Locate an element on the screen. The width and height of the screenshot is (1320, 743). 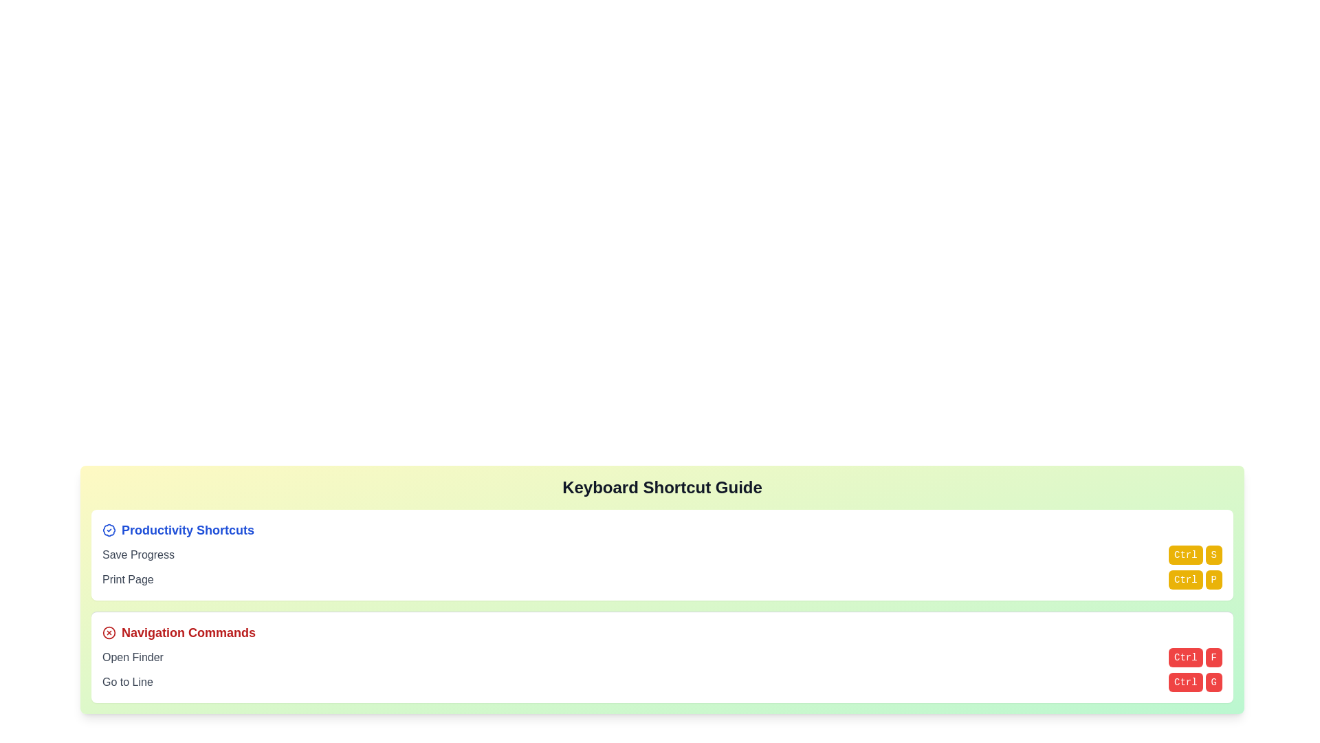
the small rectangular badge with a yellow background and white text displaying the letter 'S', located in the 'Productivity Shortcuts' section under the 'Save Progress' command is located at coordinates (1213, 554).